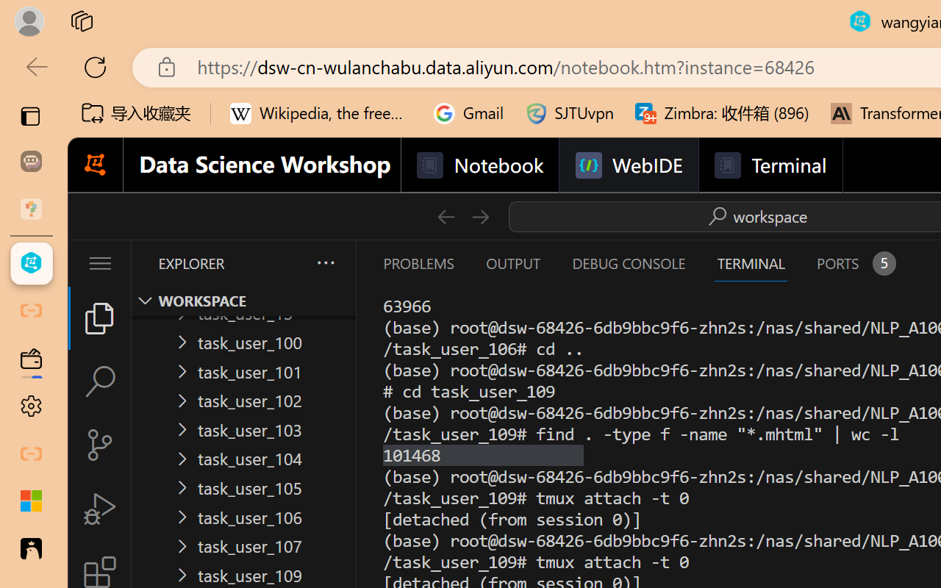  I want to click on 'Gmail', so click(468, 113).